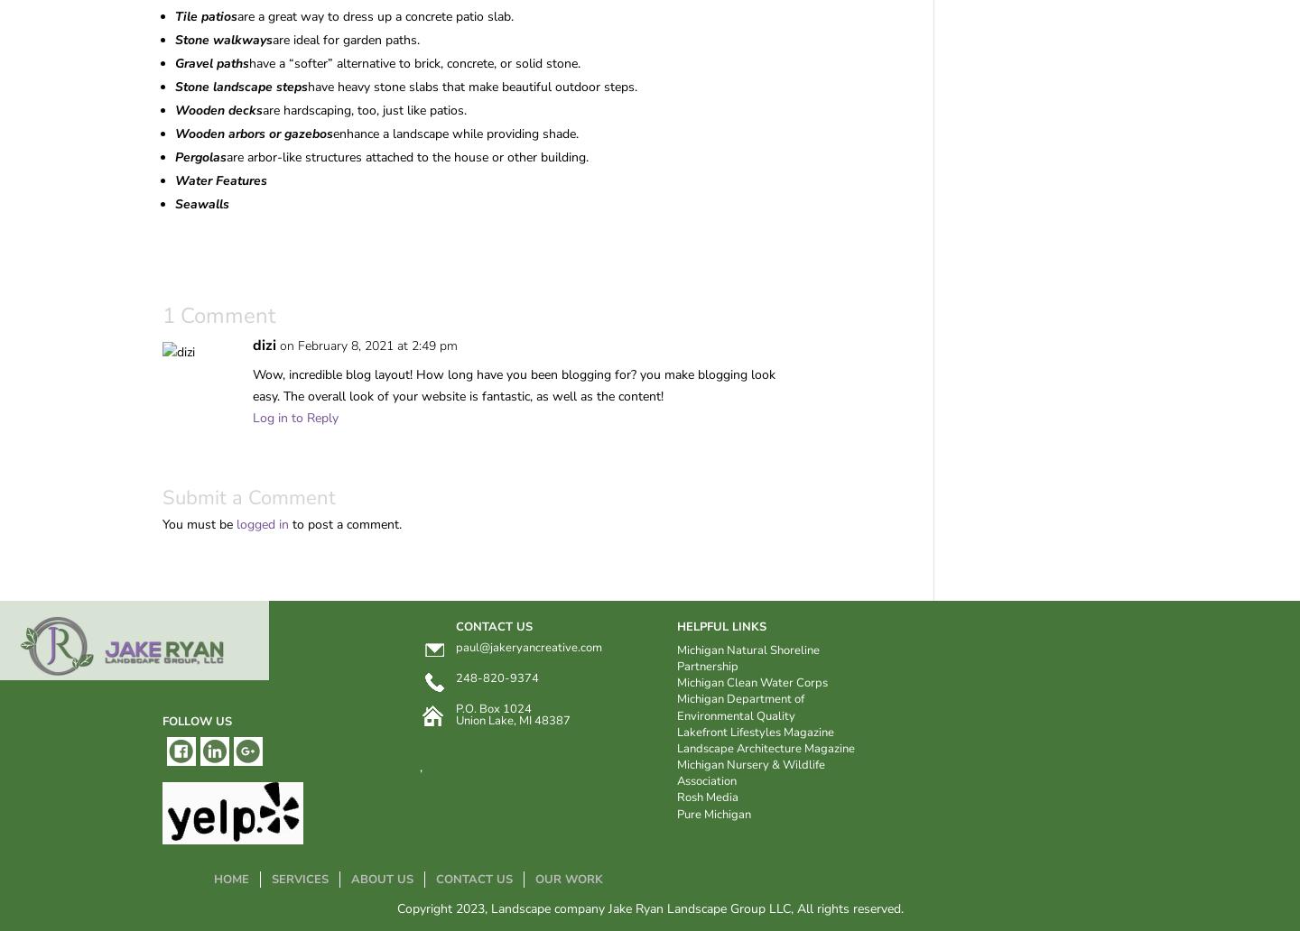 Image resolution: width=1300 pixels, height=931 pixels. What do you see at coordinates (674, 797) in the screenshot?
I see `'Rosh Media'` at bounding box center [674, 797].